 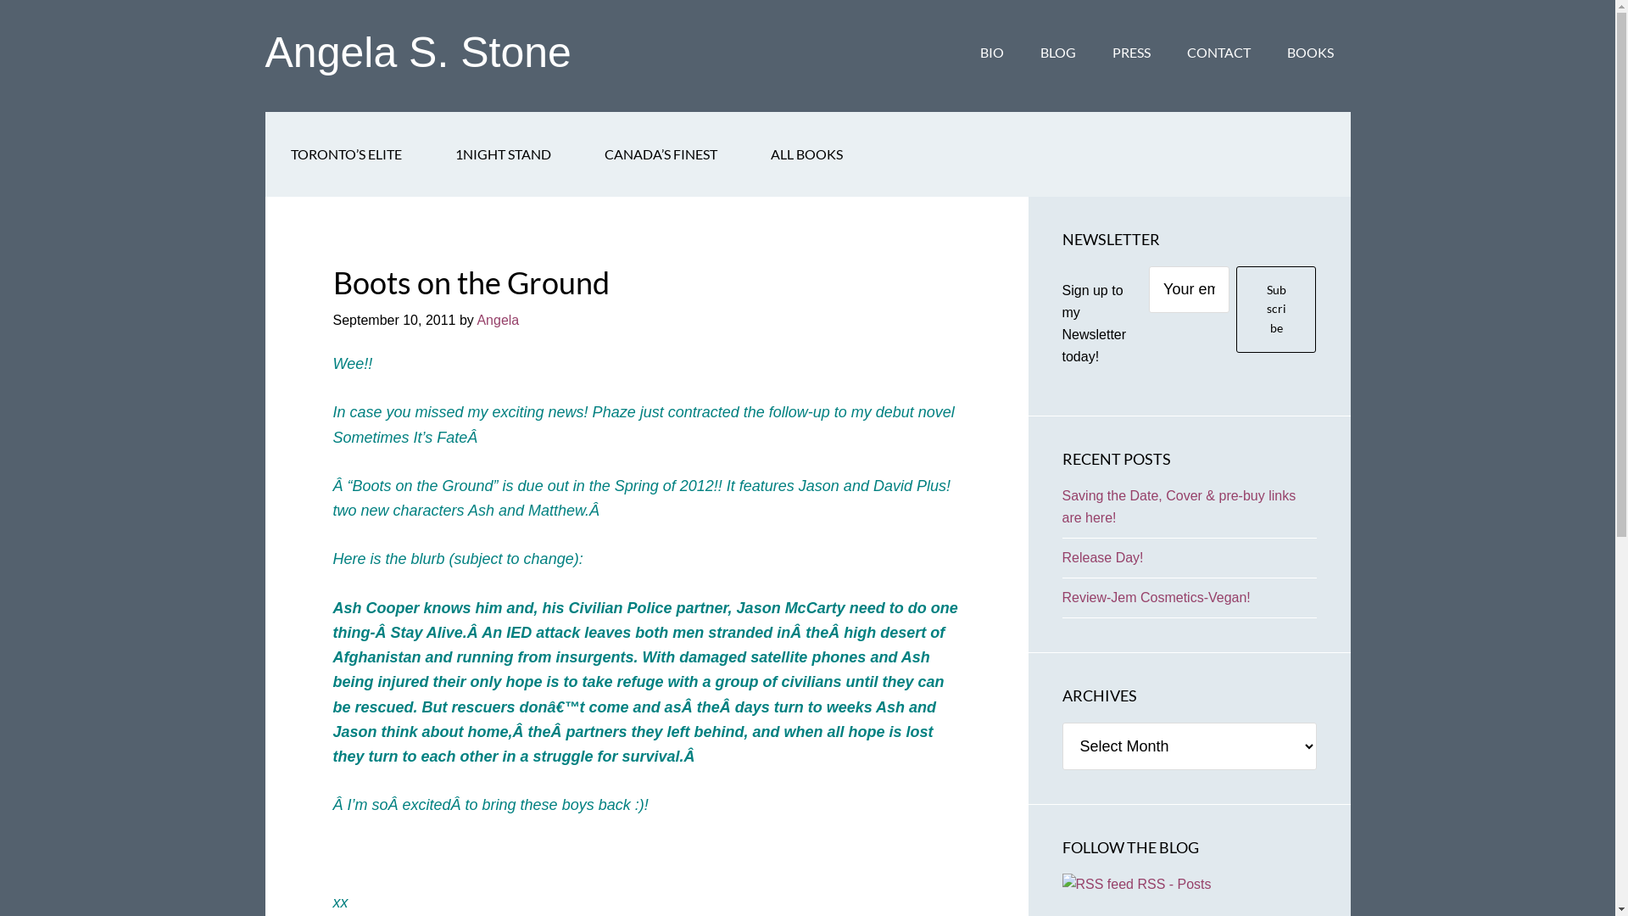 What do you see at coordinates (417, 51) in the screenshot?
I see `'Angela S. Stone'` at bounding box center [417, 51].